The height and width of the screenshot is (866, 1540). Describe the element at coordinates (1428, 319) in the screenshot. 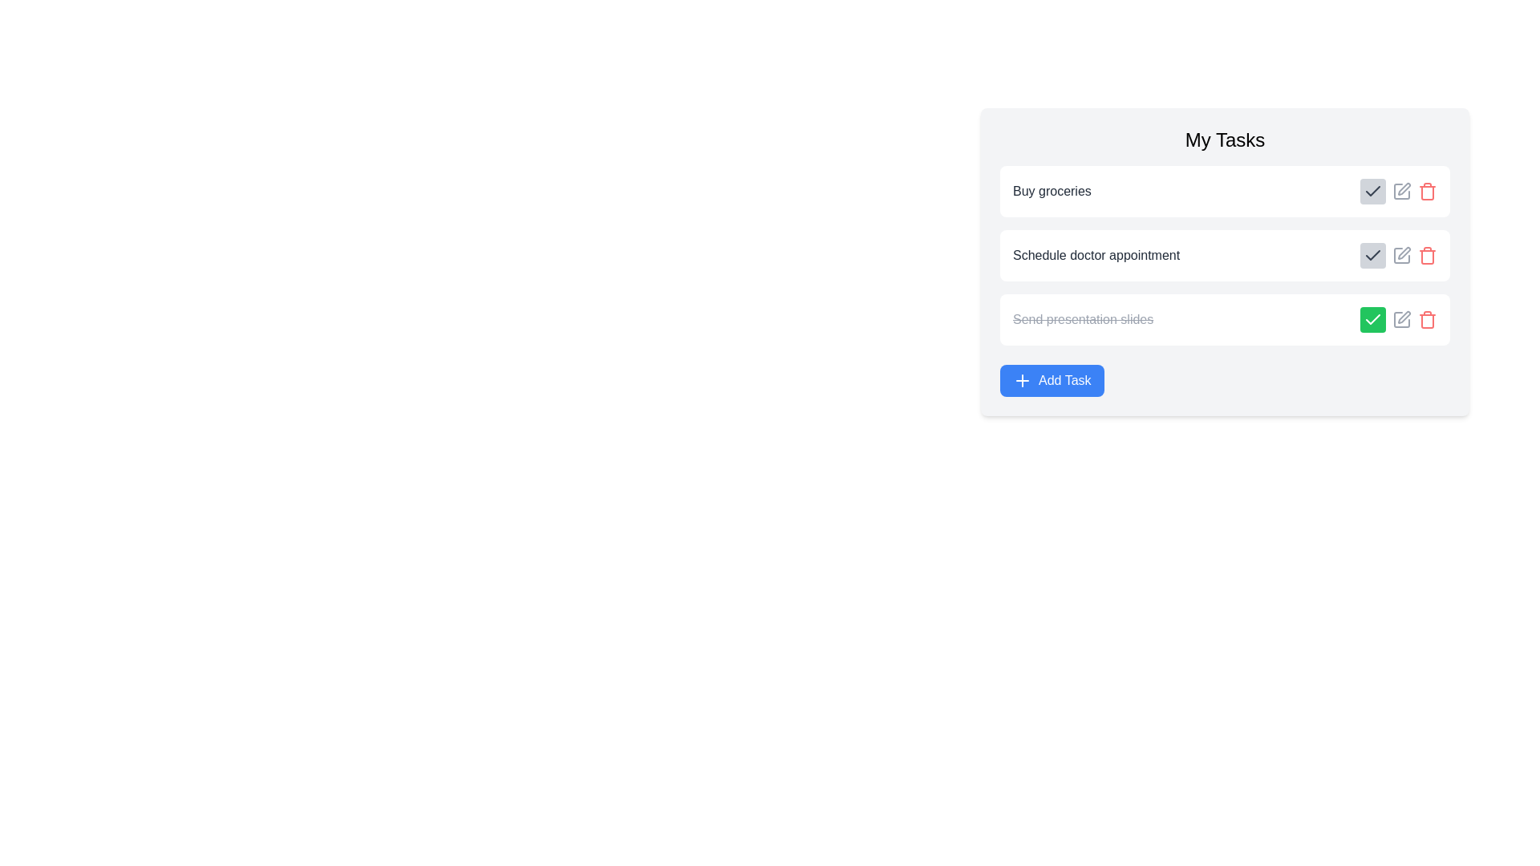

I see `delete button for the task identified by Send presentation slides` at that location.